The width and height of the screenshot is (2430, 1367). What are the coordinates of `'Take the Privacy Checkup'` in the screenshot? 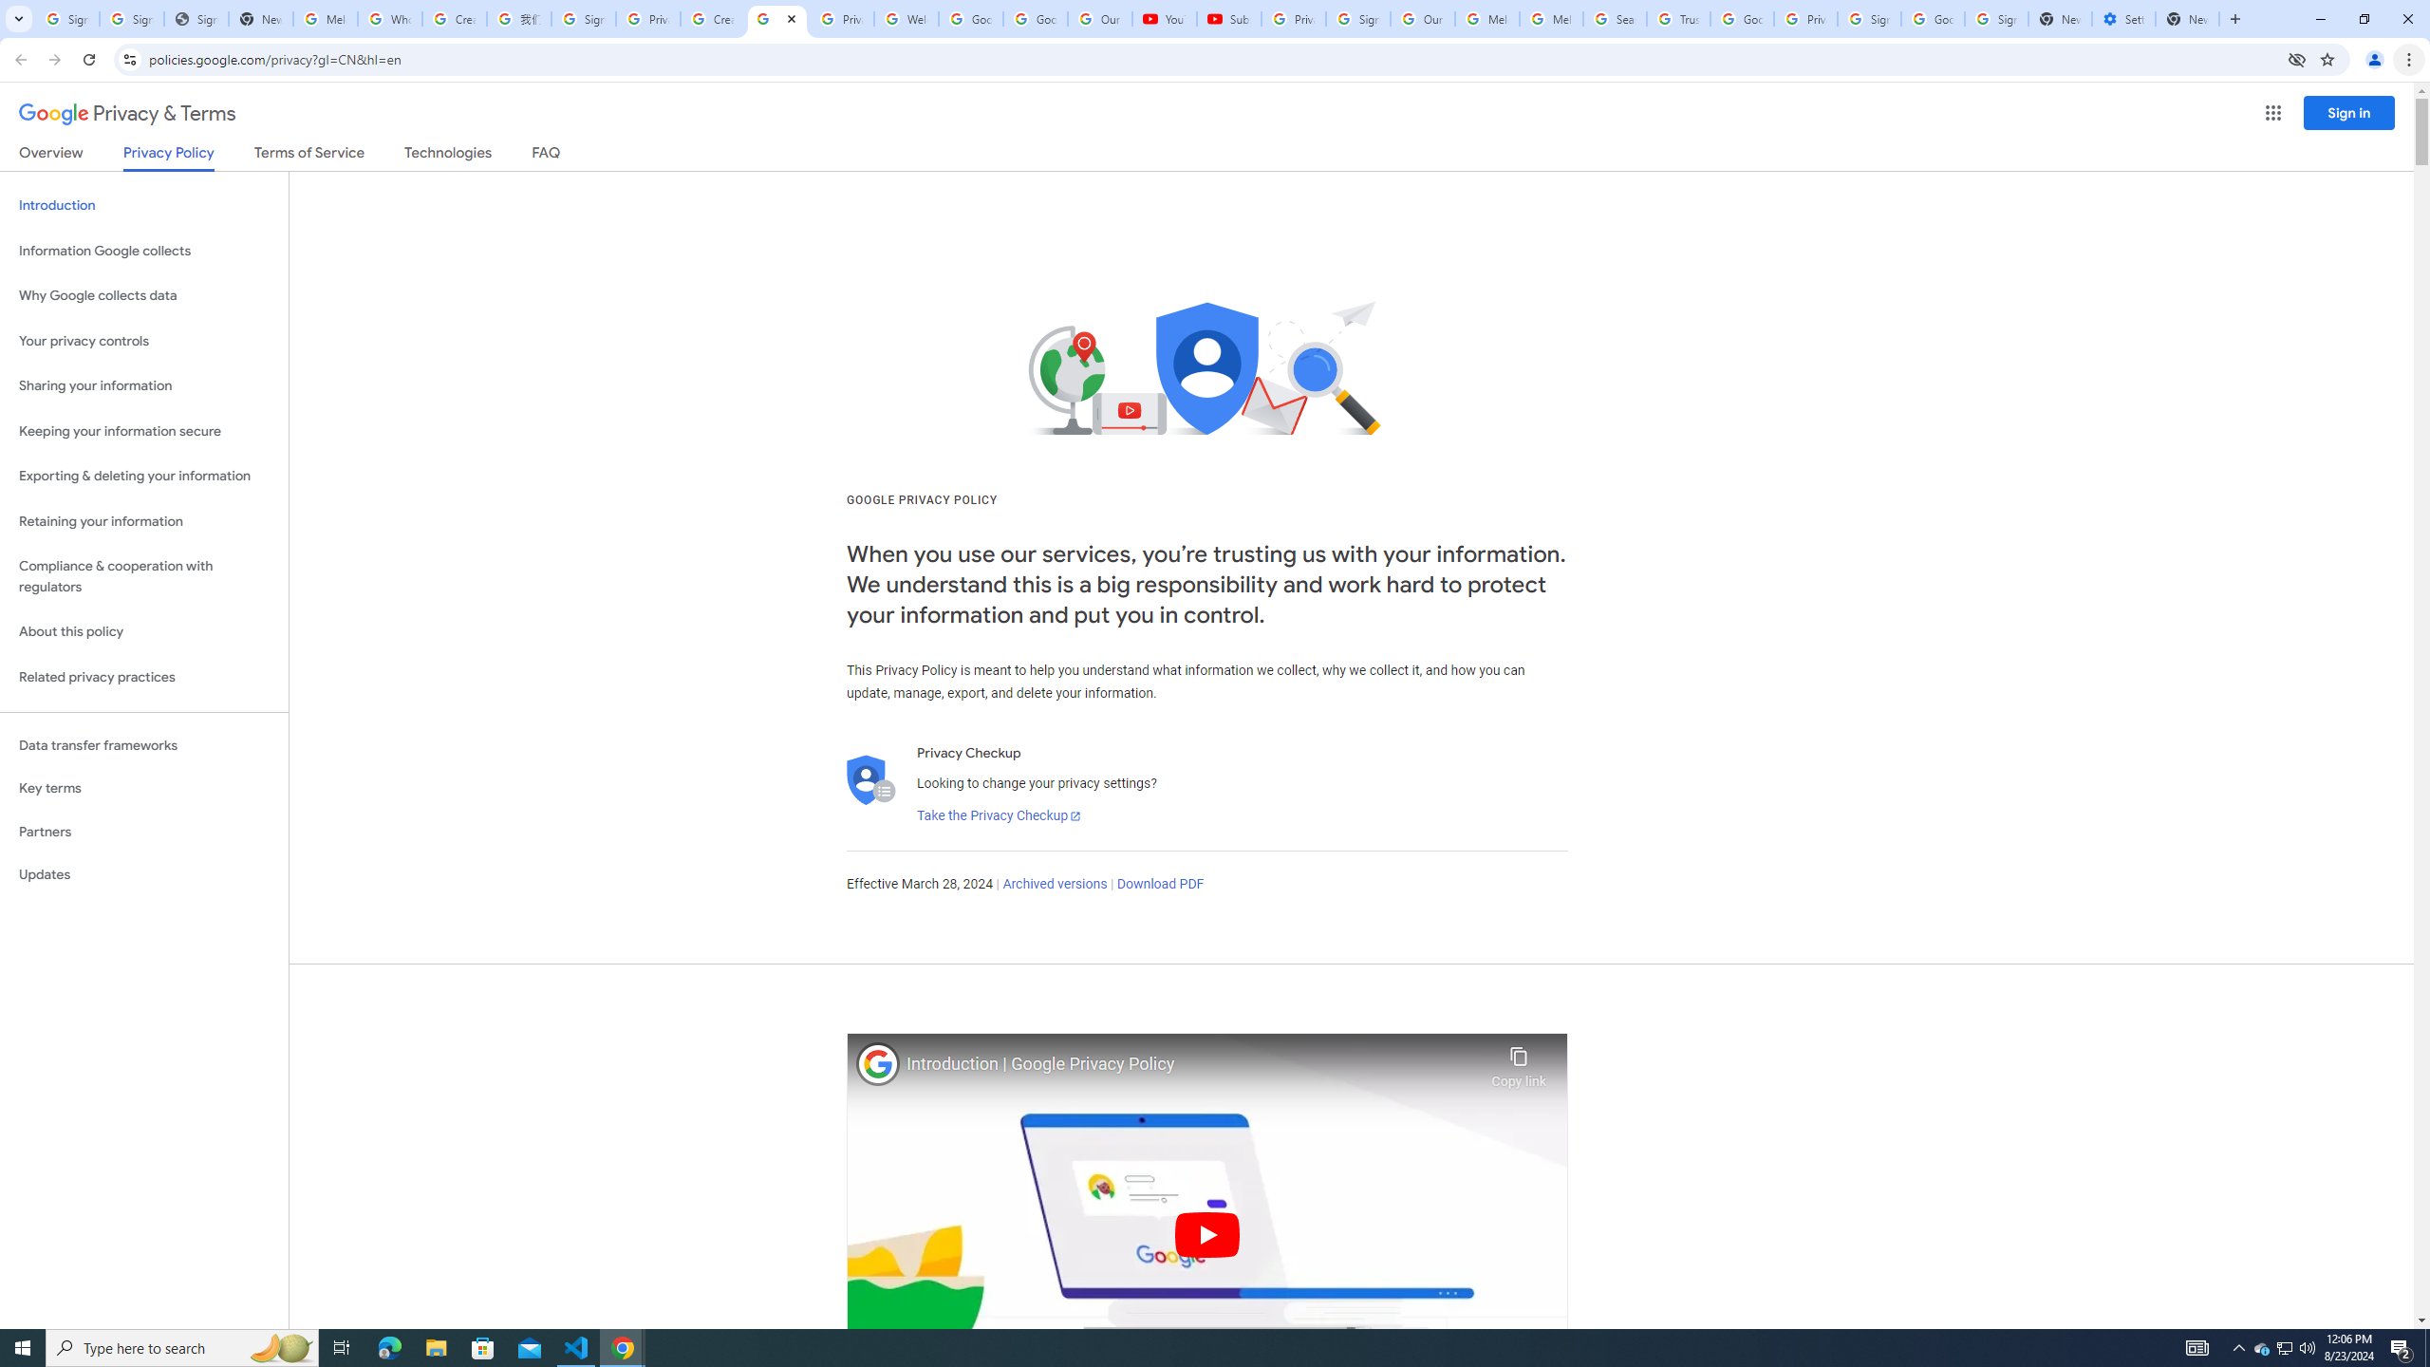 It's located at (998, 815).